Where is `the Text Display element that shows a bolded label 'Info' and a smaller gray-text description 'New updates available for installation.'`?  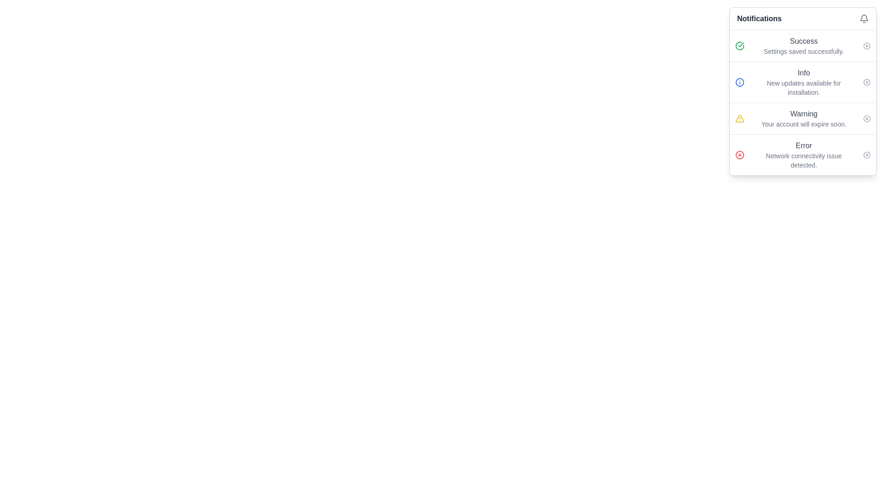 the Text Display element that shows a bolded label 'Info' and a smaller gray-text description 'New updates available for installation.' is located at coordinates (803, 81).